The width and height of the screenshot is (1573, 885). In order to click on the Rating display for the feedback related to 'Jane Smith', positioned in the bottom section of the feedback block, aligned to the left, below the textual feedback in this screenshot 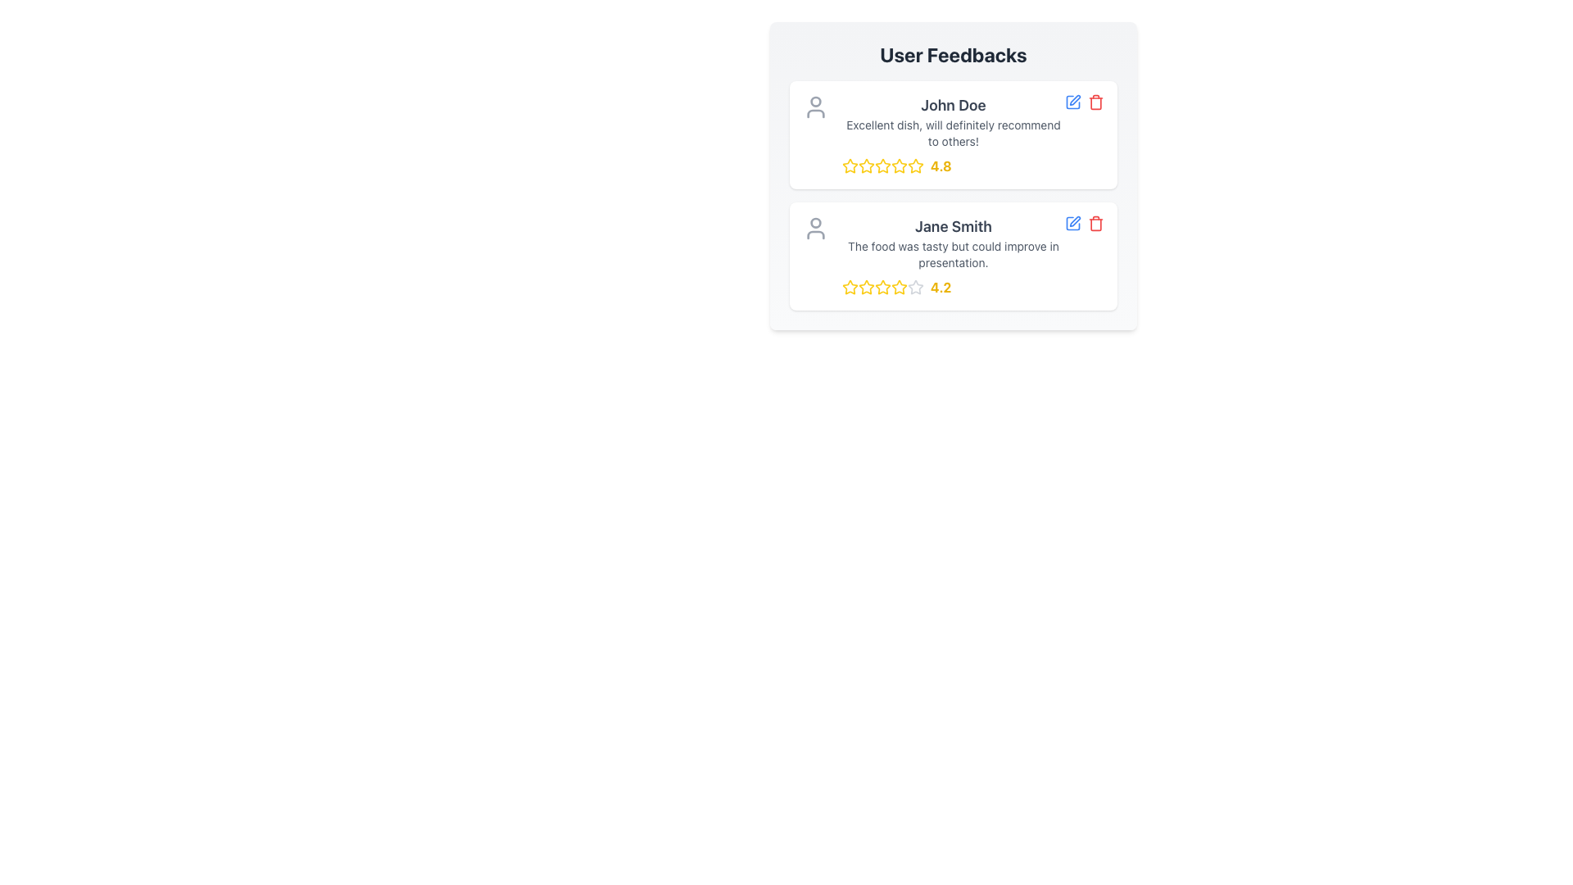, I will do `click(953, 287)`.